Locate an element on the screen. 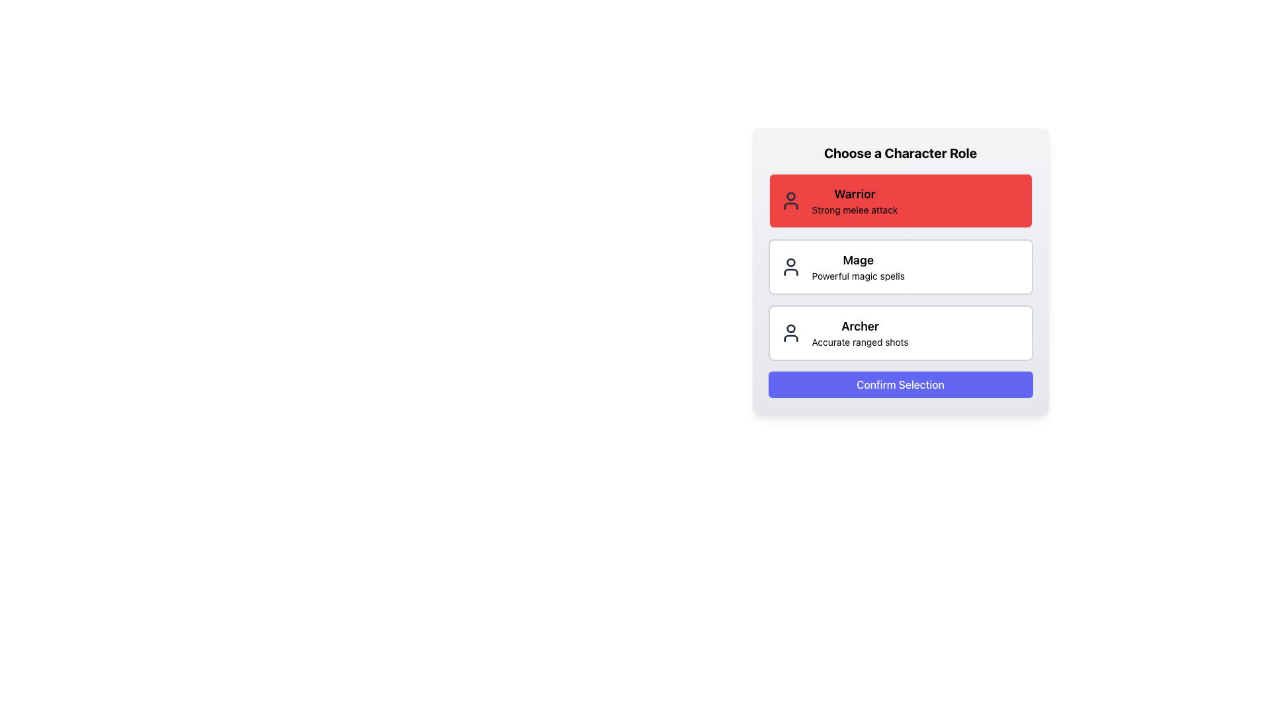 The image size is (1270, 714). the 'Archer' icon, which is the leftmost component in the character selection menu is located at coordinates (790, 333).